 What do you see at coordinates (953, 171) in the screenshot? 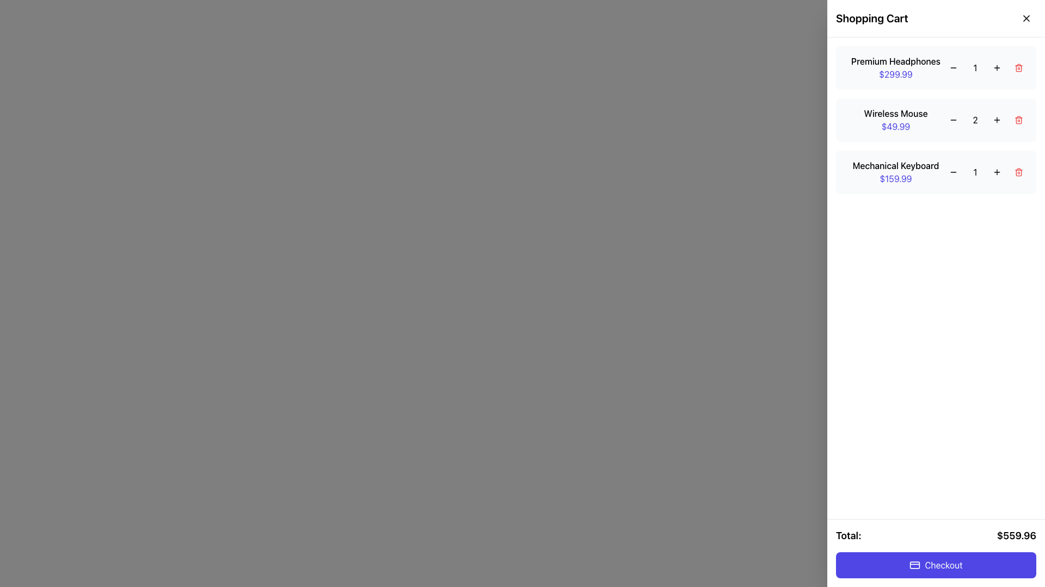
I see `the button that decreases the quantity of the Mechanical Keyboard in the shopping cart, located before the quantity display` at bounding box center [953, 171].